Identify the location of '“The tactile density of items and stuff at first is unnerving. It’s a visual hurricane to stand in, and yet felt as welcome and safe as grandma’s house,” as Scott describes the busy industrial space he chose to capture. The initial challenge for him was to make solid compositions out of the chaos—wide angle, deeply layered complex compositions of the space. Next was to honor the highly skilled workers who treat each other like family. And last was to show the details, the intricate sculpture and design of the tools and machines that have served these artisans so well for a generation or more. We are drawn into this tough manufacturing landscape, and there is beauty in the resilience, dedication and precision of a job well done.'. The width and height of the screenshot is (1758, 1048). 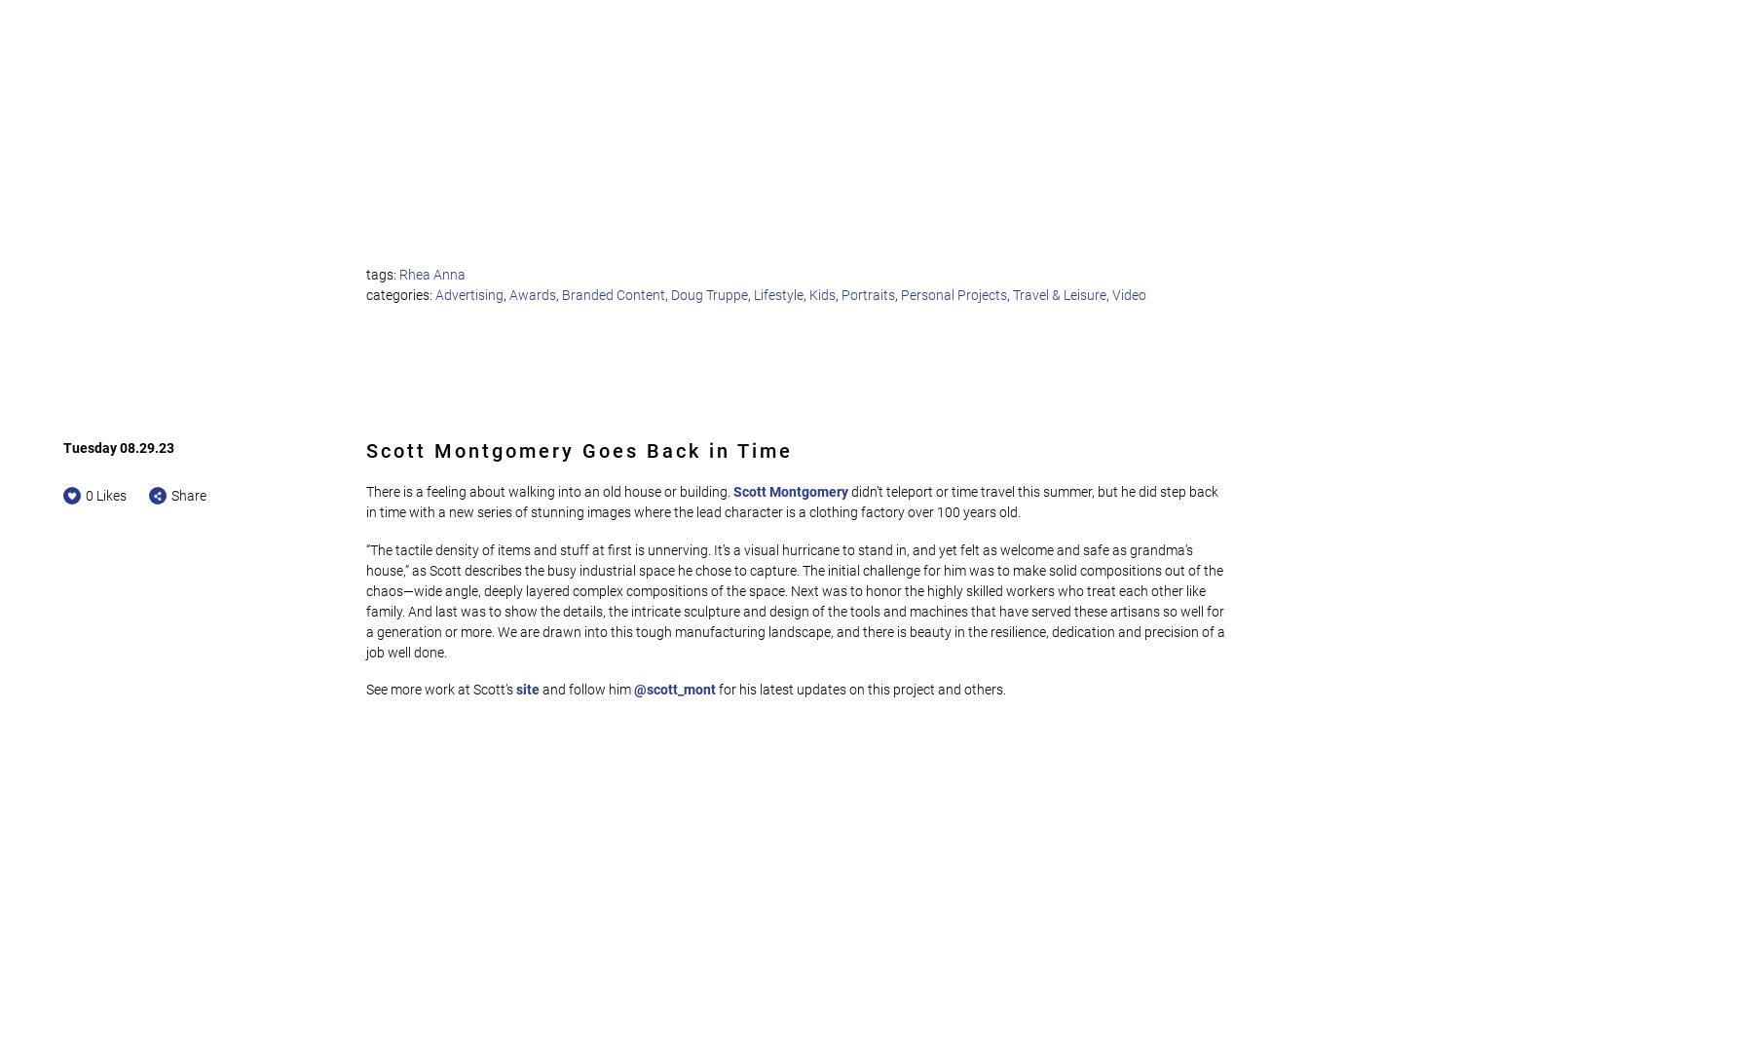
(797, 600).